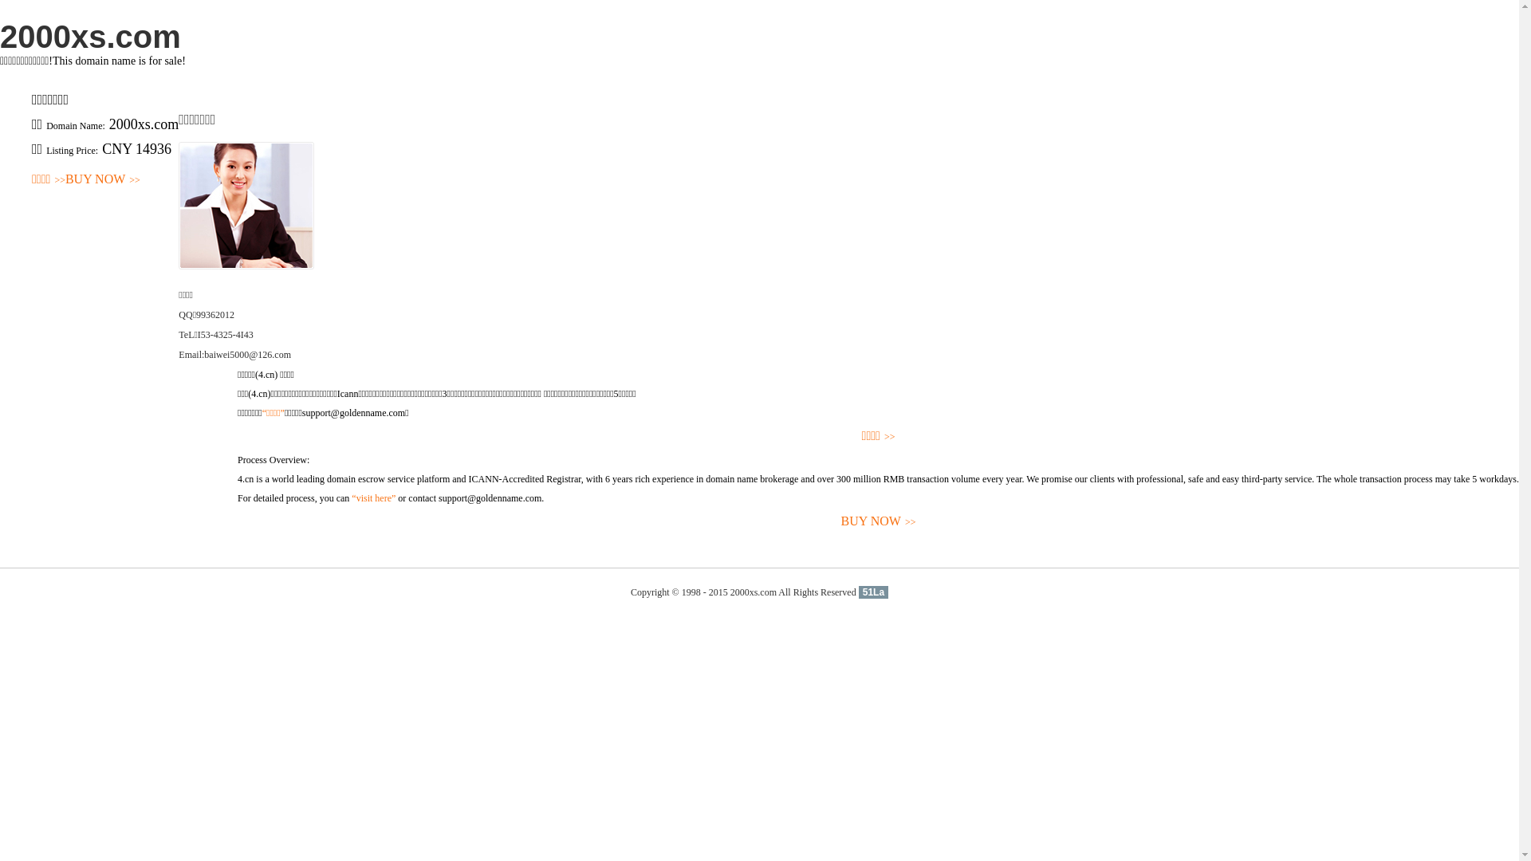  I want to click on 'BUY NOW>>', so click(102, 179).